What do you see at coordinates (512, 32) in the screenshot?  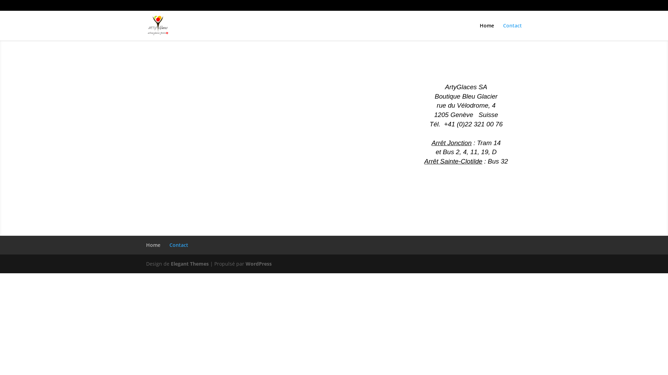 I see `'Contact'` at bounding box center [512, 32].